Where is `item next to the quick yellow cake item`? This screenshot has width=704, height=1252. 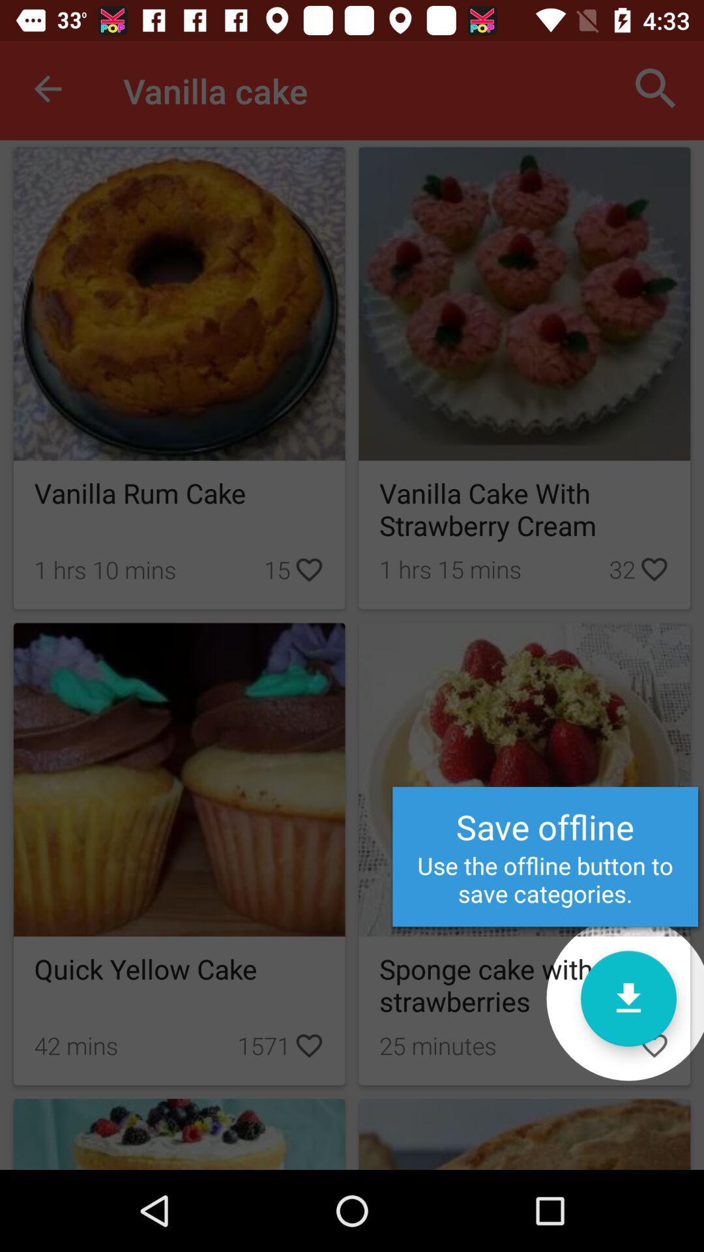 item next to the quick yellow cake item is located at coordinates (628, 998).